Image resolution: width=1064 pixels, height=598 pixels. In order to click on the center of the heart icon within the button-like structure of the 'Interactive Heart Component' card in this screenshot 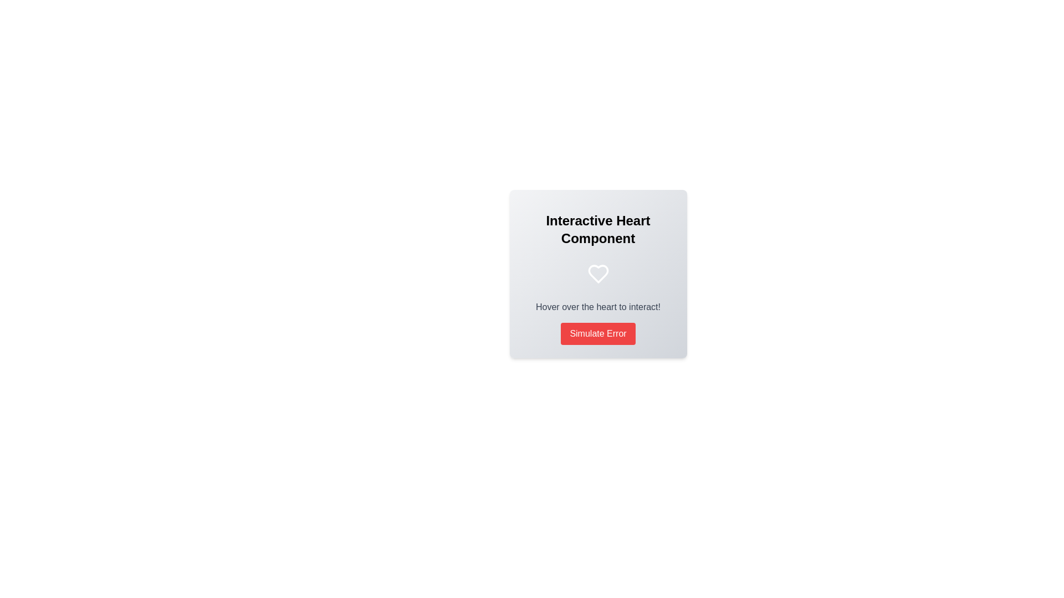, I will do `click(597, 274)`.